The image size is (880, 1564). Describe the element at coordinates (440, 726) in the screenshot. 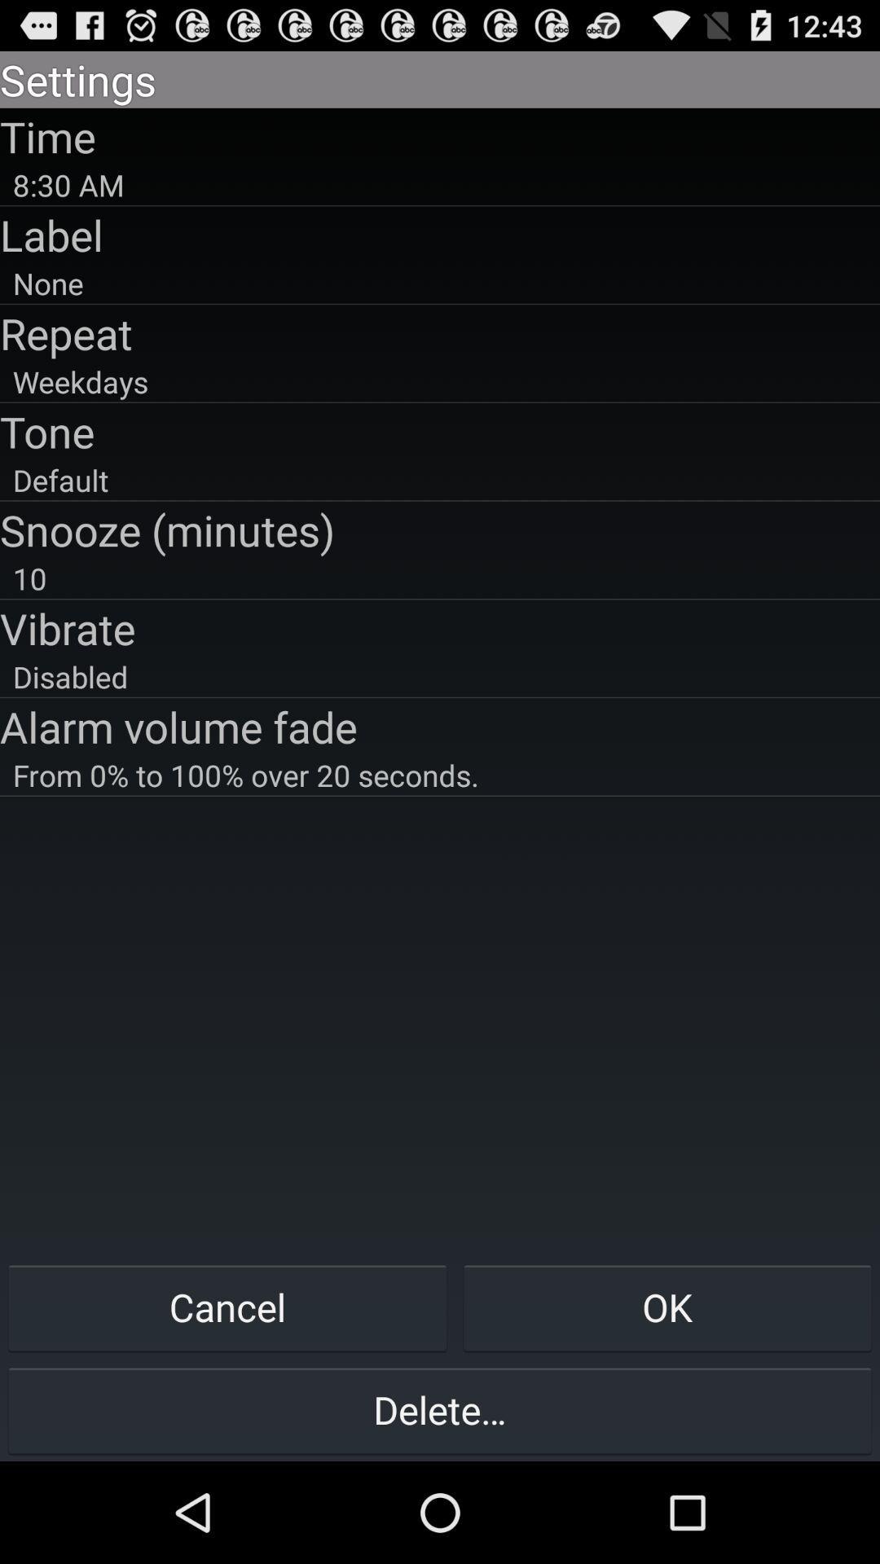

I see `alarm volume fade icon` at that location.